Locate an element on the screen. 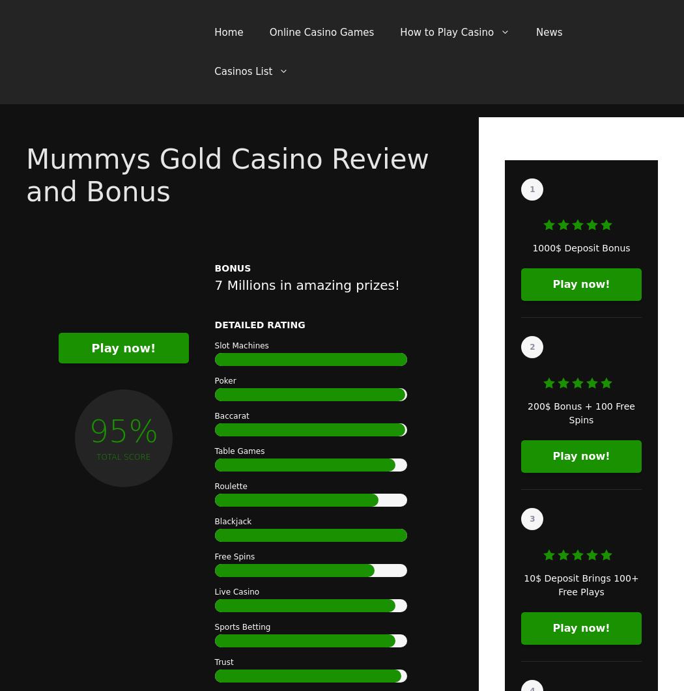  '1000$ Deposit Bonus' is located at coordinates (580, 248).